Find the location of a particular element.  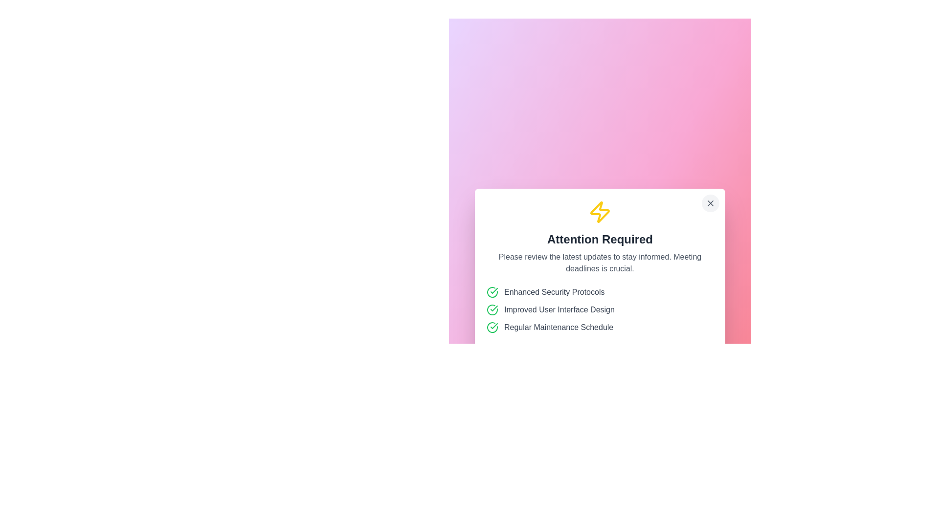

the 'X' icon button located at the top-right corner of the modal is located at coordinates (711, 203).